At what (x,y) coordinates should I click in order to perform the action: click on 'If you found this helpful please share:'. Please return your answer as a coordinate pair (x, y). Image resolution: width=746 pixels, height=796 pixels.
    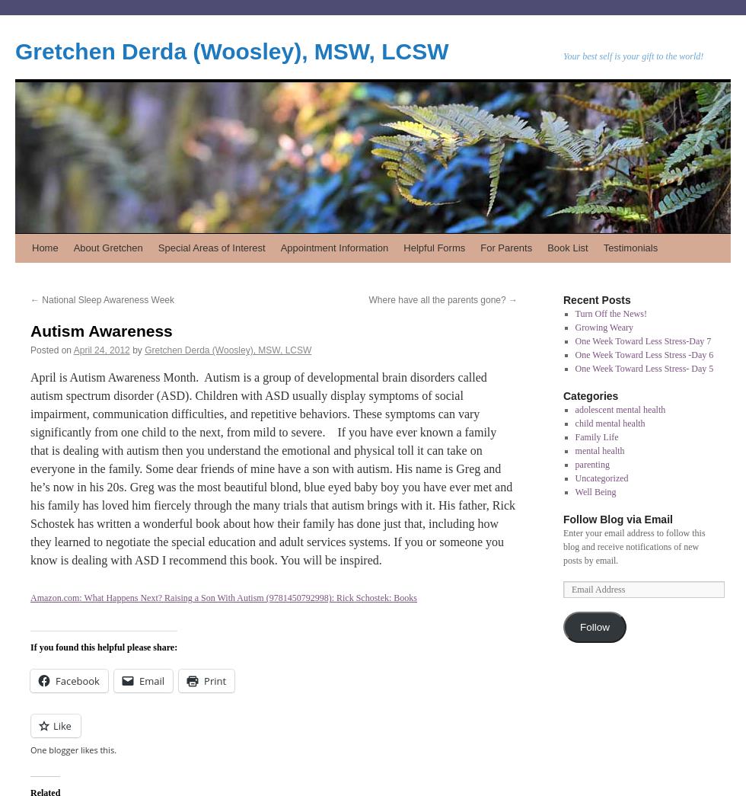
    Looking at the image, I should click on (104, 647).